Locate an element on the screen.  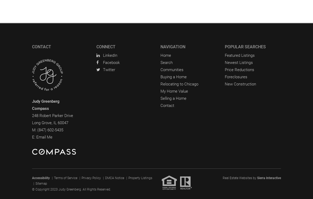
'M:' is located at coordinates (34, 129).